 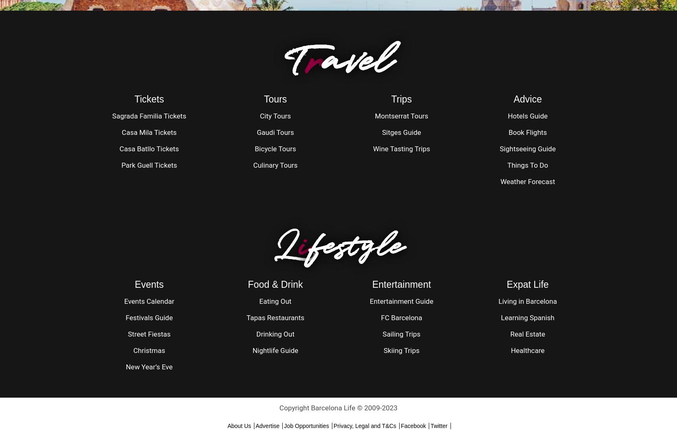 What do you see at coordinates (256, 132) in the screenshot?
I see `'Gaudi Tours'` at bounding box center [256, 132].